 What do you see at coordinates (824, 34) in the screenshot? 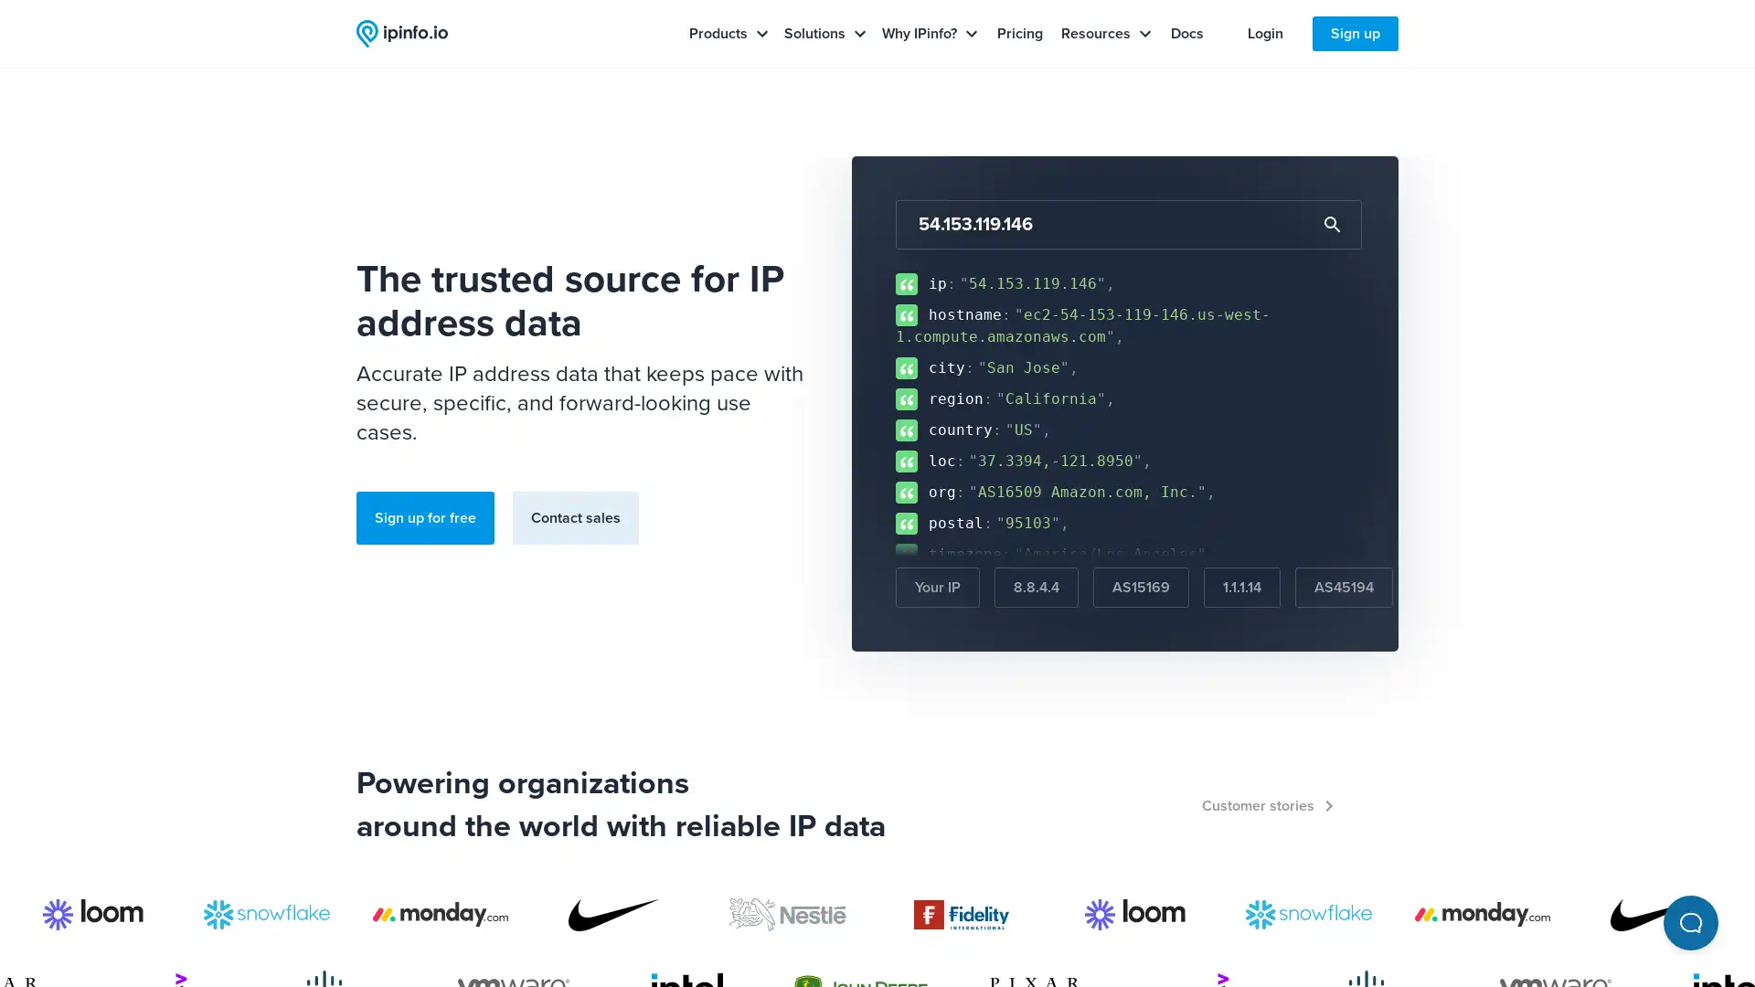
I see `Solutions` at bounding box center [824, 34].